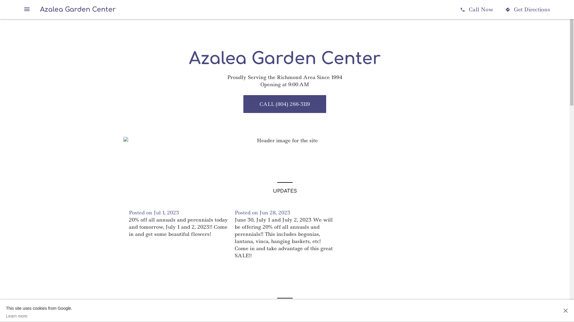 The image size is (574, 322). I want to click on 'Azalea Garden Center', so click(77, 9).